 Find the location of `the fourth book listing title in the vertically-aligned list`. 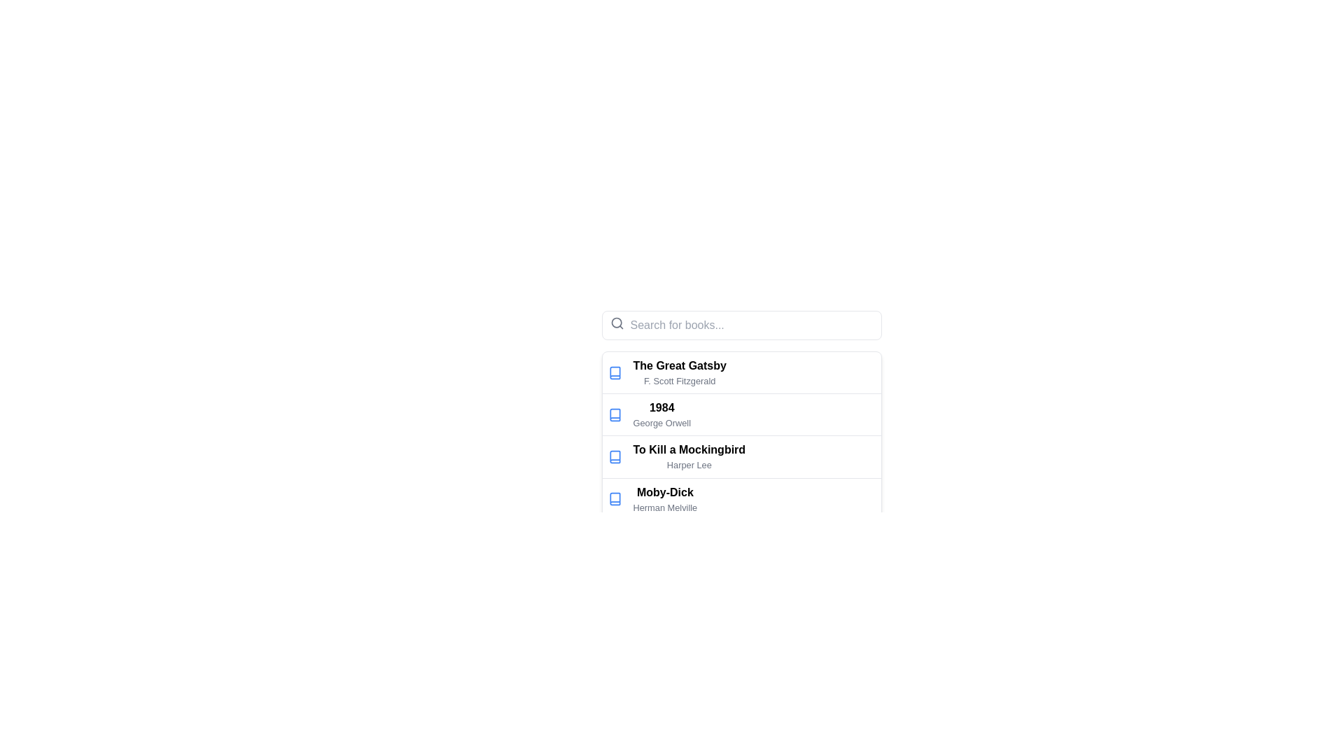

the fourth book listing title in the vertically-aligned list is located at coordinates (664, 498).